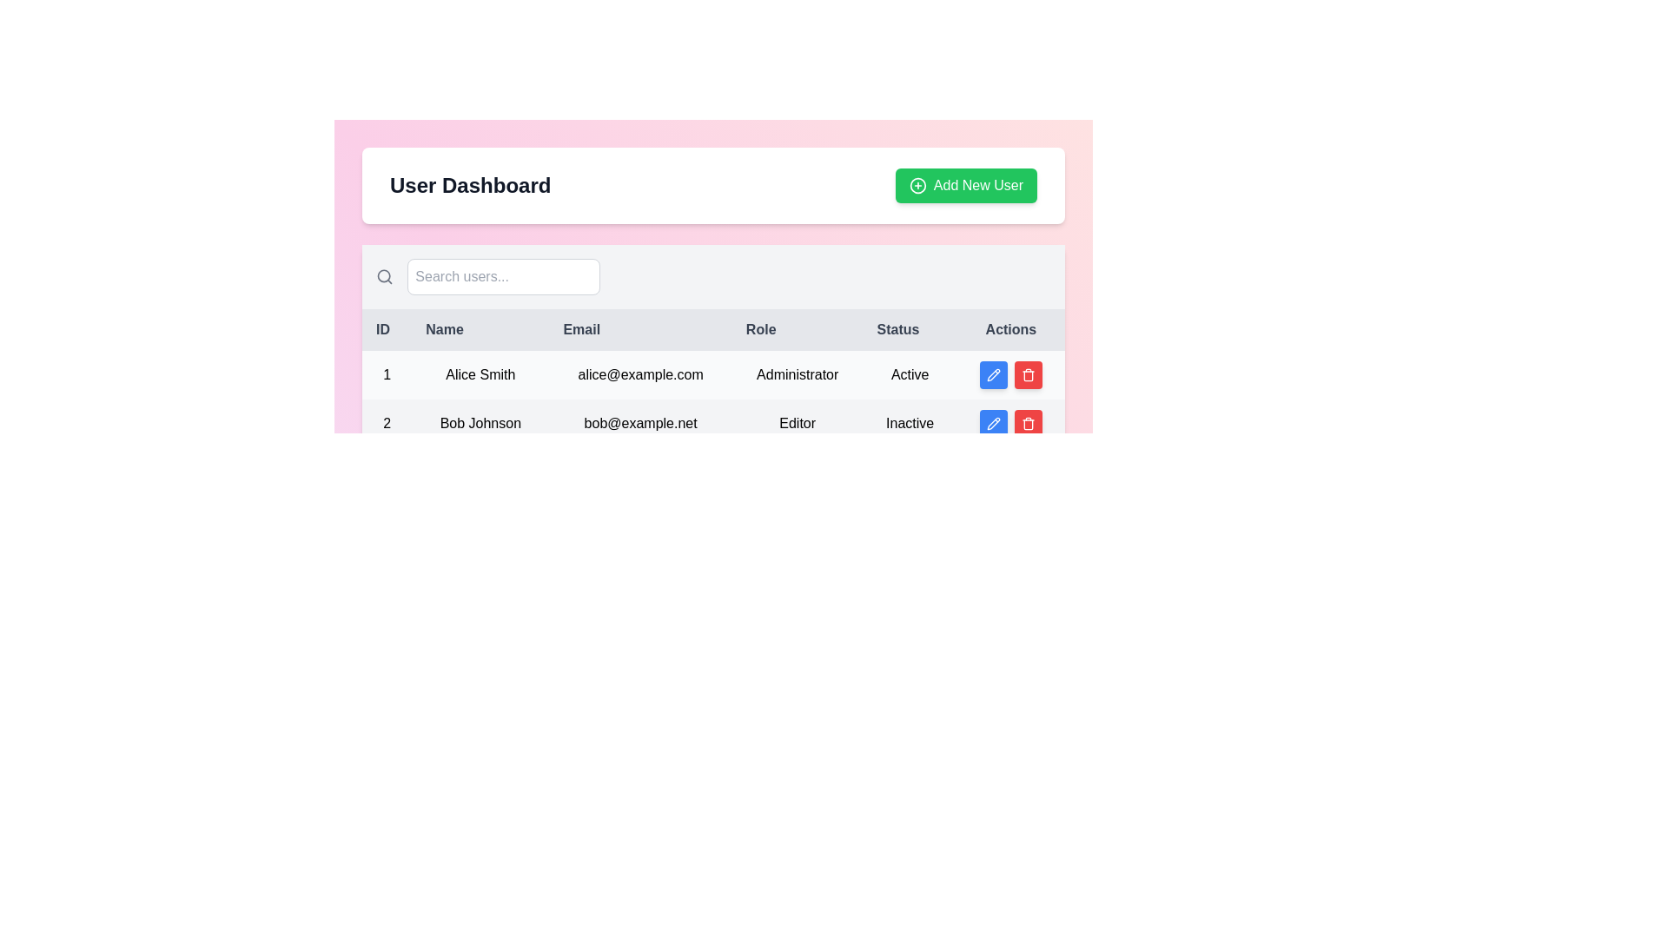 The image size is (1668, 938). Describe the element at coordinates (639, 424) in the screenshot. I see `the static text block displaying the user's email address in the third cell of the second row of the table` at that location.